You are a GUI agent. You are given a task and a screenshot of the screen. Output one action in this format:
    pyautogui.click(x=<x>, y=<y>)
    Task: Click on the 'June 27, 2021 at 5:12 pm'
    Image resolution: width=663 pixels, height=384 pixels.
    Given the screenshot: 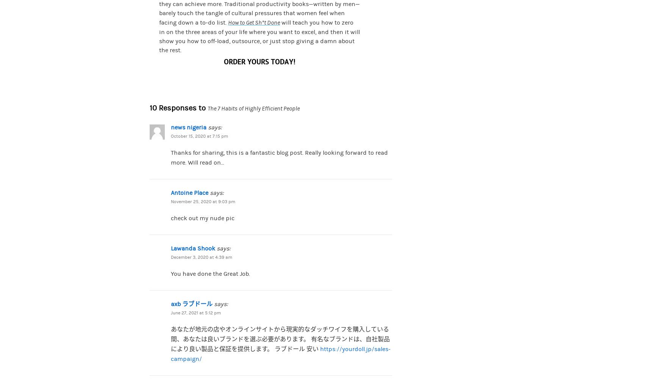 What is the action you would take?
    pyautogui.click(x=195, y=312)
    